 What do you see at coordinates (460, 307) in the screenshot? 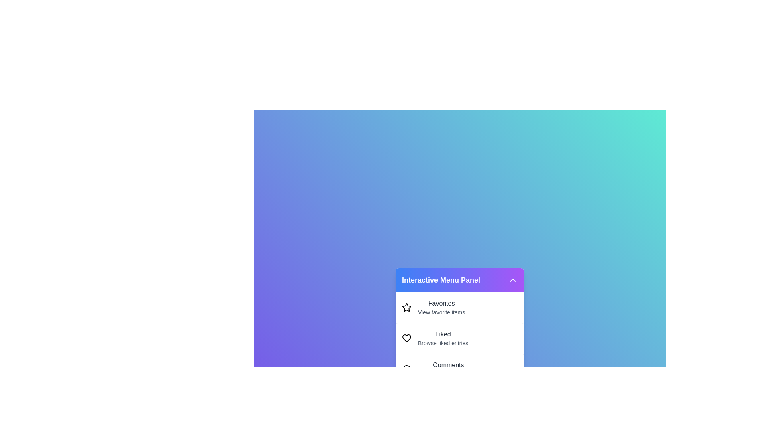
I see `the menu item Favorites to preview its highlight effect` at bounding box center [460, 307].